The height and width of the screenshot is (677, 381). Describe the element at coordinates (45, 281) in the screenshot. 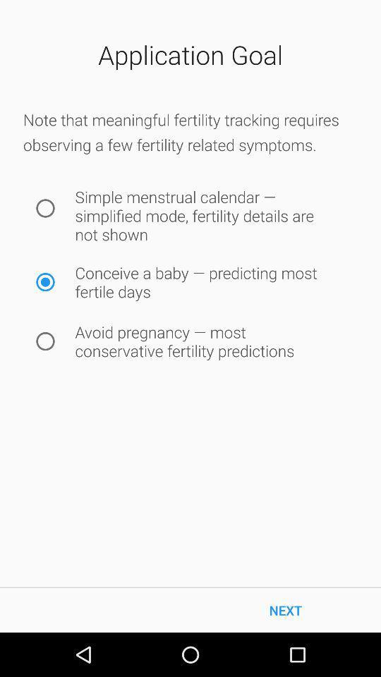

I see `icon next to the conceive a baby icon` at that location.